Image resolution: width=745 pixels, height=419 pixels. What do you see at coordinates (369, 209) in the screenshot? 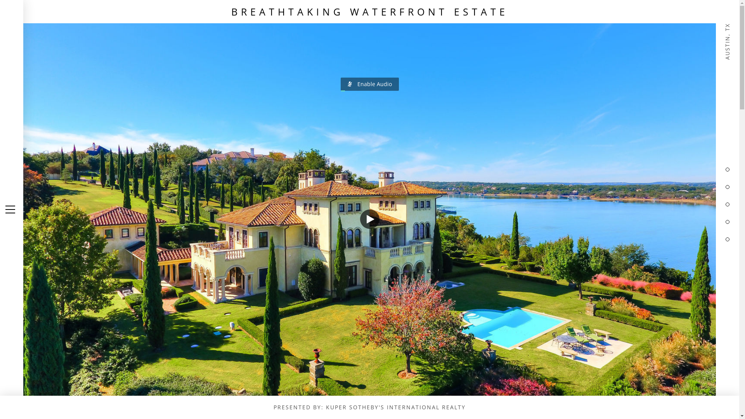
I see `'Listing Video'` at bounding box center [369, 209].